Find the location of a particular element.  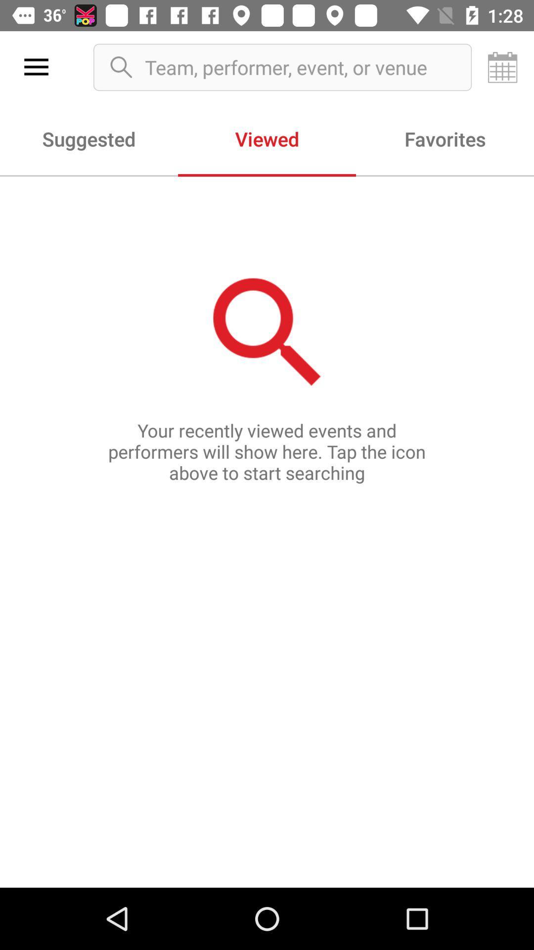

item next to viewed icon is located at coordinates (444, 138).